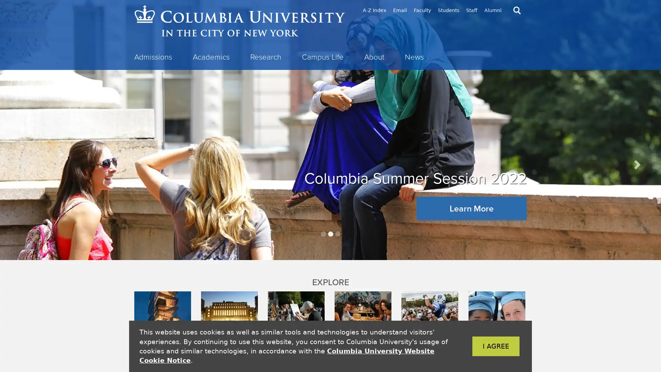 This screenshot has height=372, width=661. Describe the element at coordinates (485, 346) in the screenshot. I see `Close Cookie Notice I AGREE` at that location.